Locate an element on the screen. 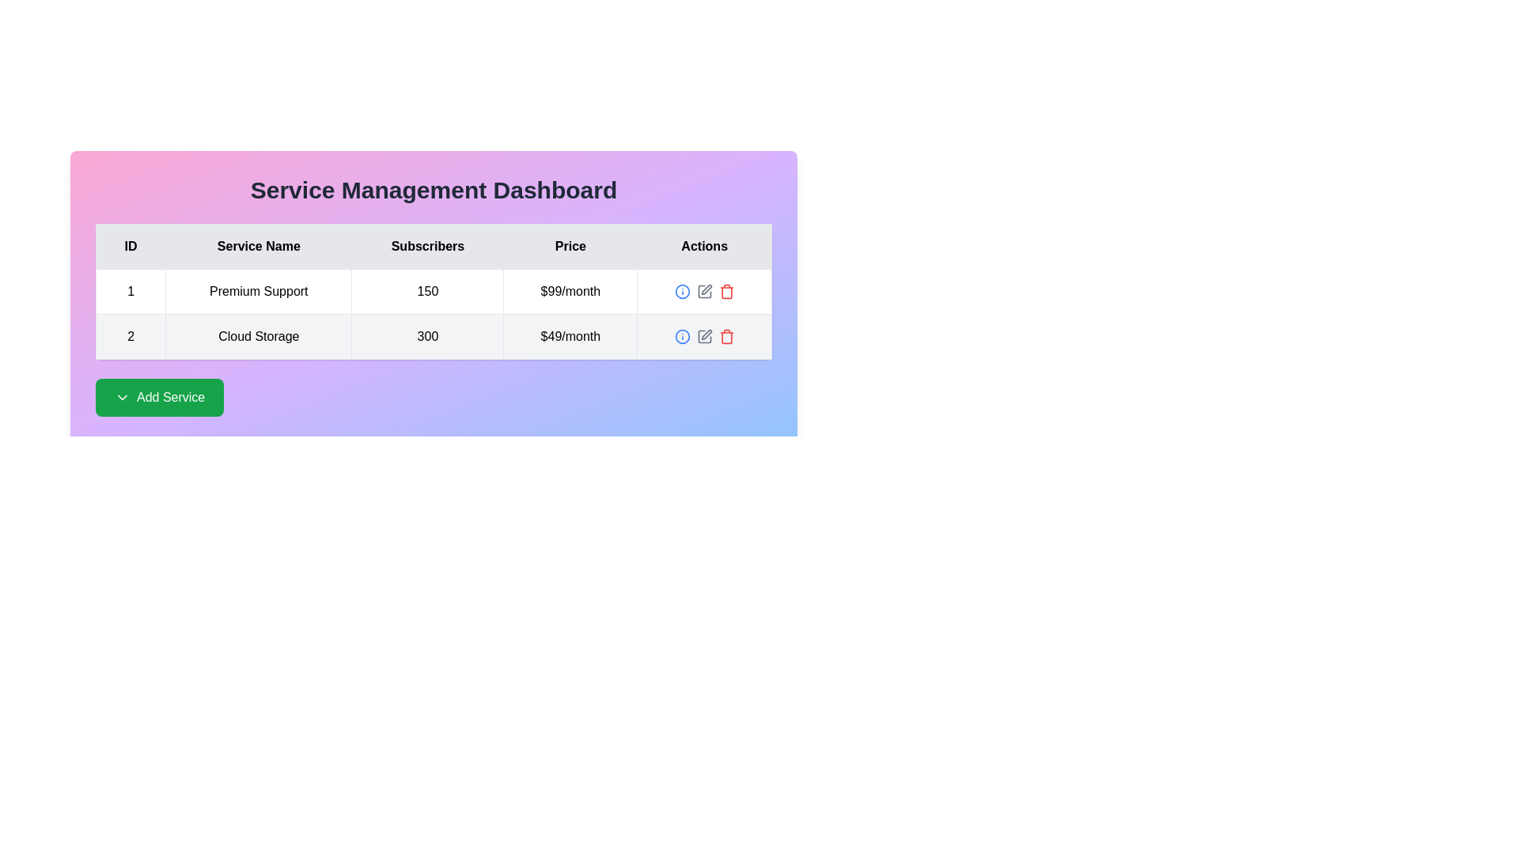 The width and height of the screenshot is (1519, 854). the table cell that indicates the service name 'Cloud Storage', located in the second row of the 'Service Name' column, adjacent to '2' on the left and '300' on the right is located at coordinates (259, 335).